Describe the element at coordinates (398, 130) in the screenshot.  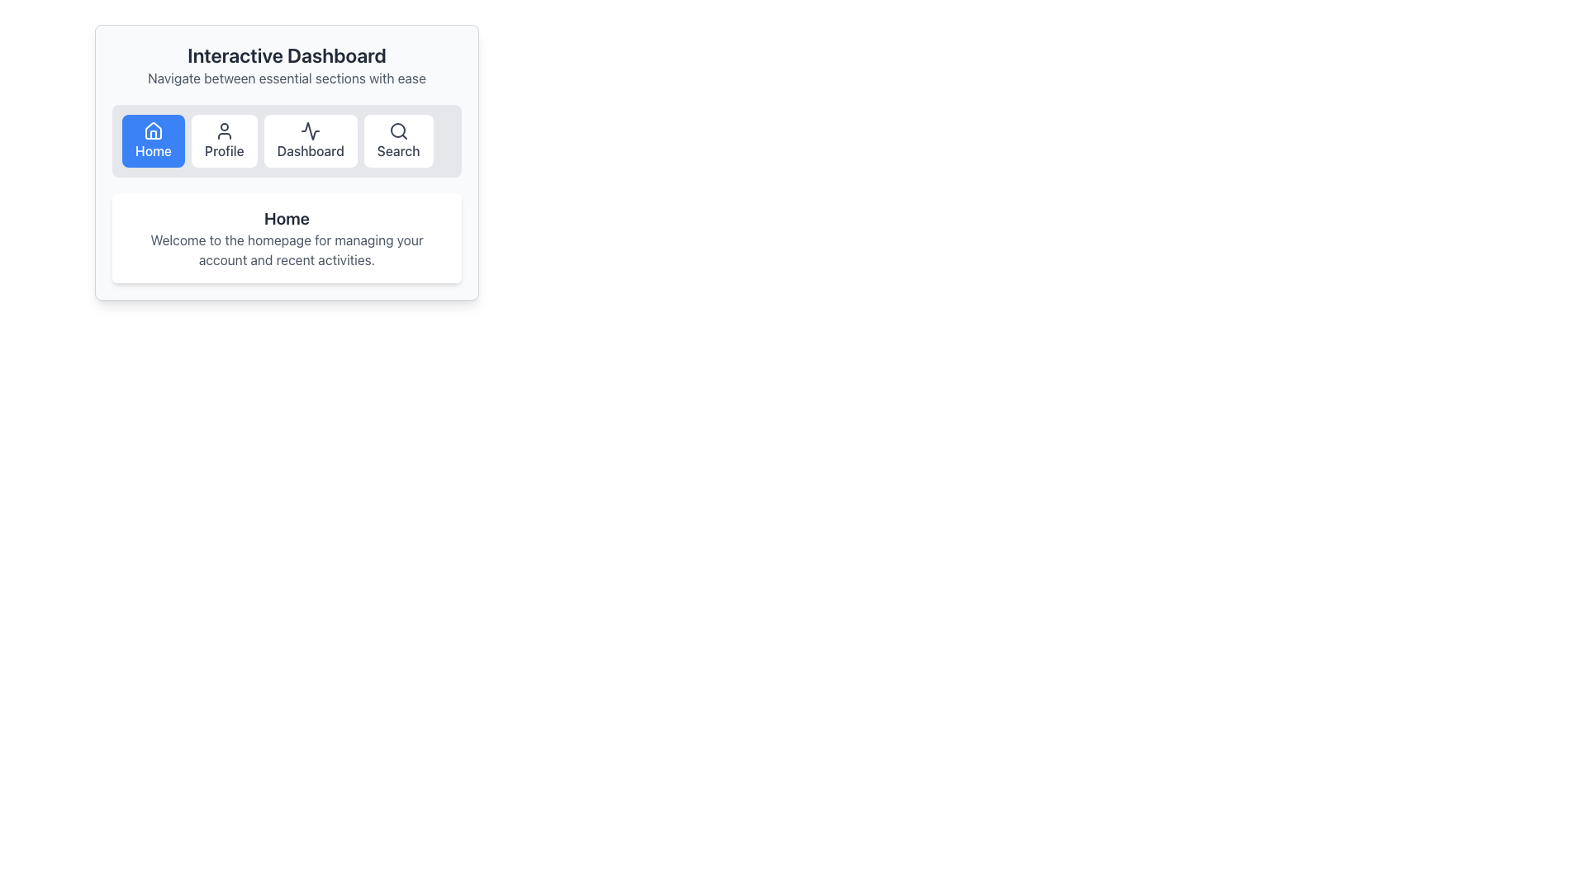
I see `the magnifying glass icon within the 'Search' button located in the rightmost position of the horizontal navigation bar` at that location.